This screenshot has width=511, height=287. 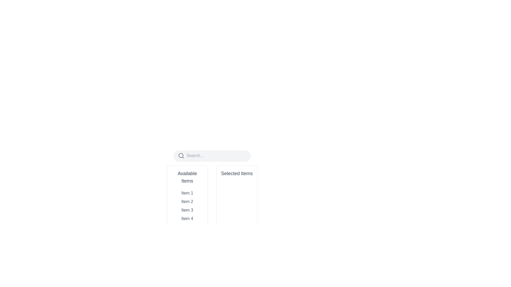 I want to click on the search icon, which is an SVG graphic located to the left of the search input field in a rounded rectangular search bar, so click(x=181, y=155).